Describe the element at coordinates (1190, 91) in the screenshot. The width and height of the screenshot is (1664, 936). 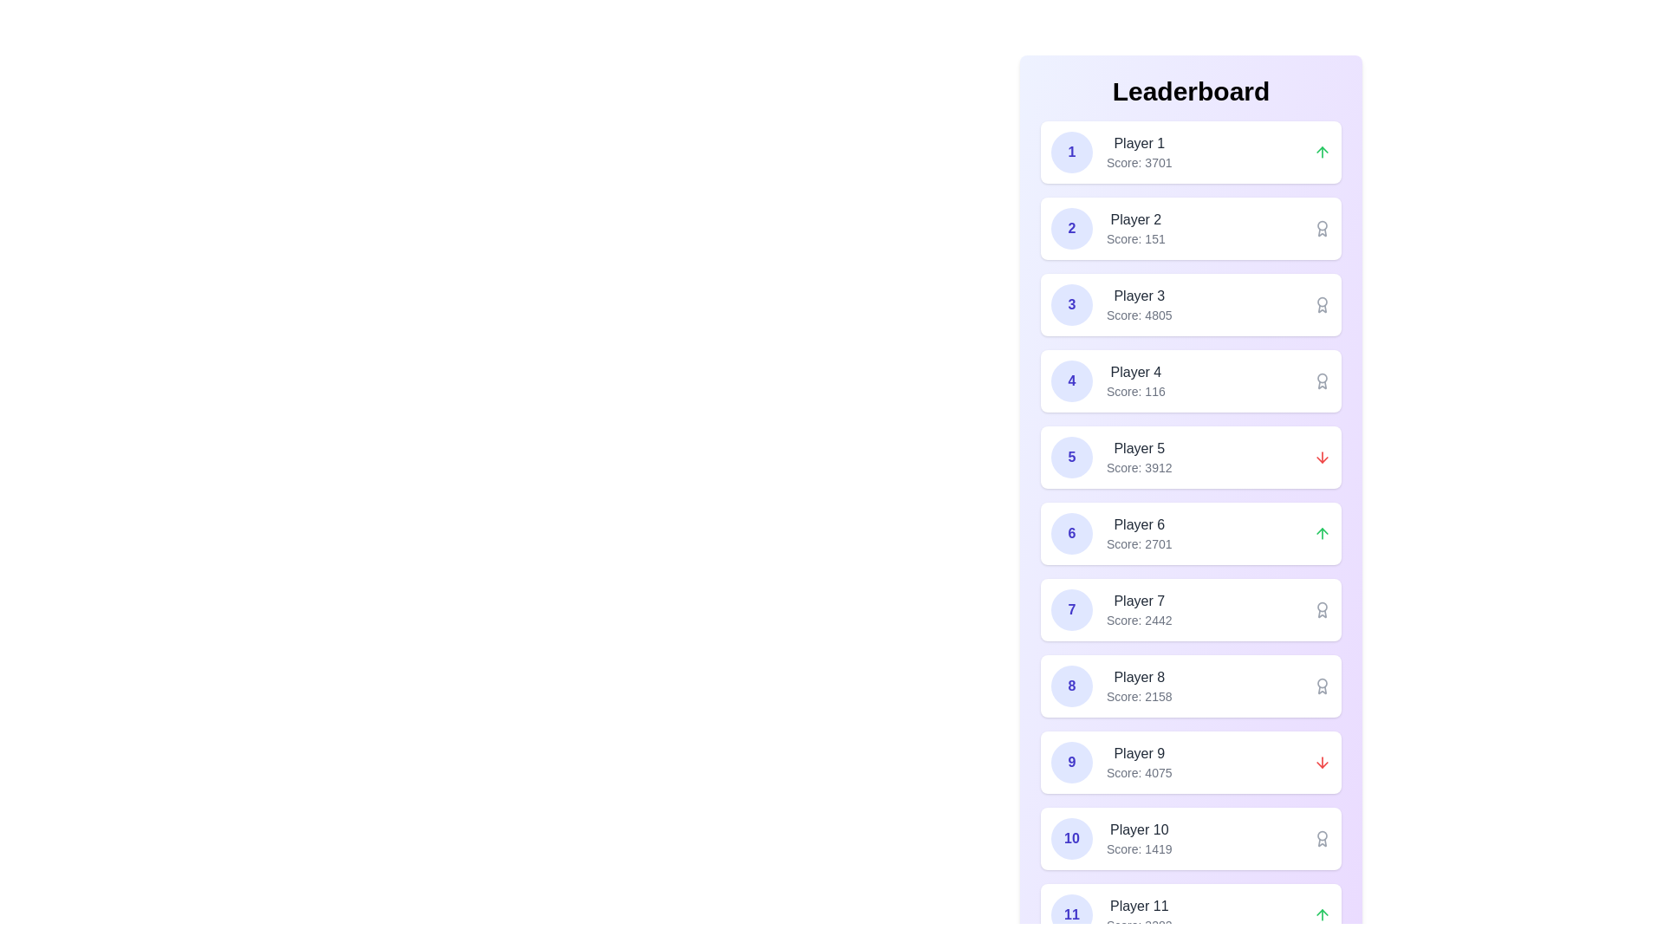
I see `the leaderboard text by selecting the text area` at that location.